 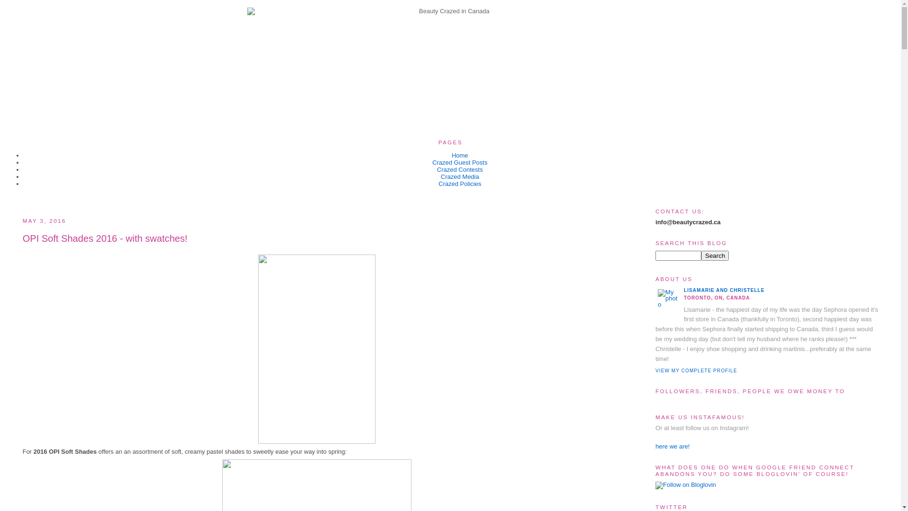 What do you see at coordinates (715, 255) in the screenshot?
I see `'search'` at bounding box center [715, 255].